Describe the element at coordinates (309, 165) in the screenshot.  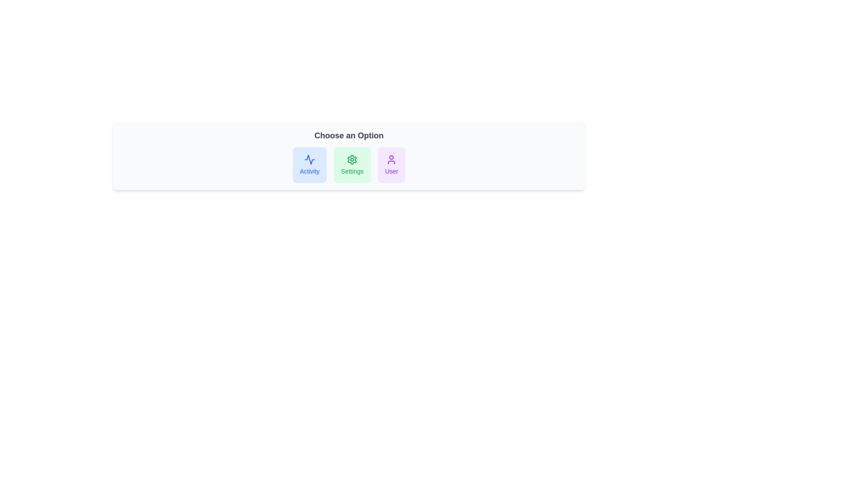
I see `the light blue button labeled 'Activity'` at that location.